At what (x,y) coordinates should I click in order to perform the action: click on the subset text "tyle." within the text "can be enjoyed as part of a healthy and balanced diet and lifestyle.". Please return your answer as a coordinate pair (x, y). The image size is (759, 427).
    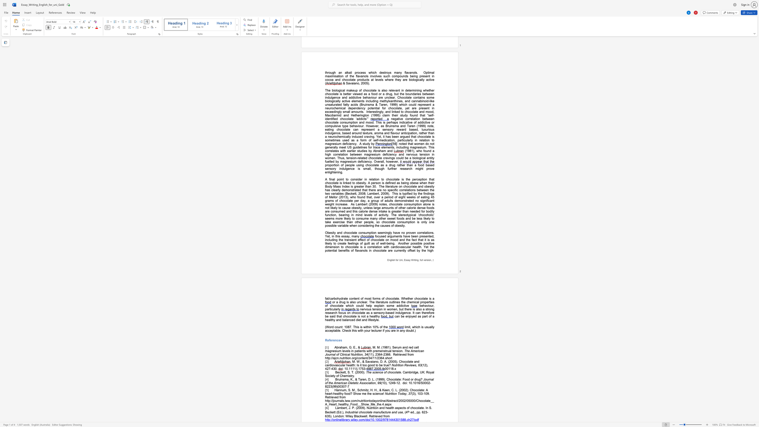
    Looking at the image, I should click on (373, 320).